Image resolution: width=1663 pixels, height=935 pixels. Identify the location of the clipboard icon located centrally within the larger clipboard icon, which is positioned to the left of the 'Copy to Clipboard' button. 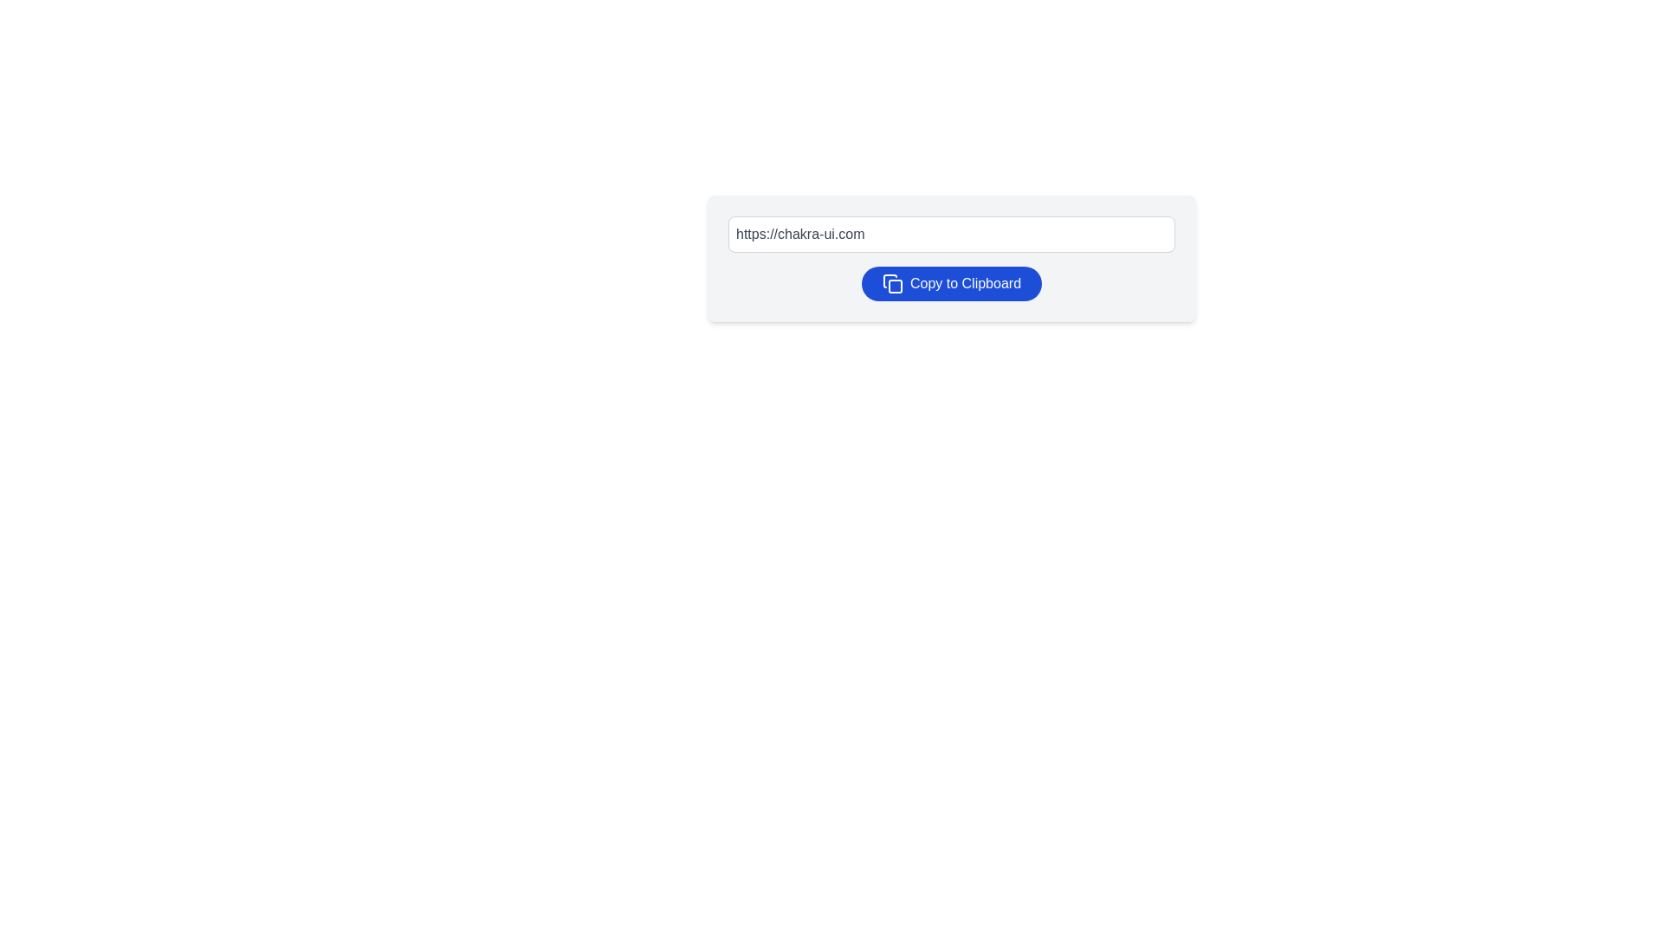
(895, 286).